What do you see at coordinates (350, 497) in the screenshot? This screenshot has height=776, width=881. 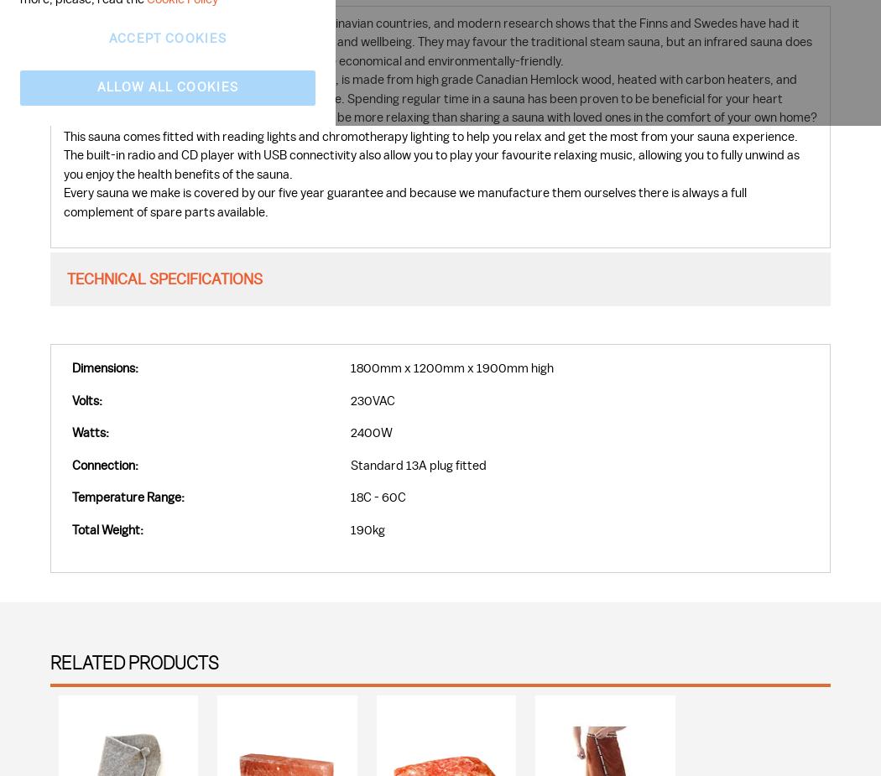 I see `'18C - 60C'` at bounding box center [350, 497].